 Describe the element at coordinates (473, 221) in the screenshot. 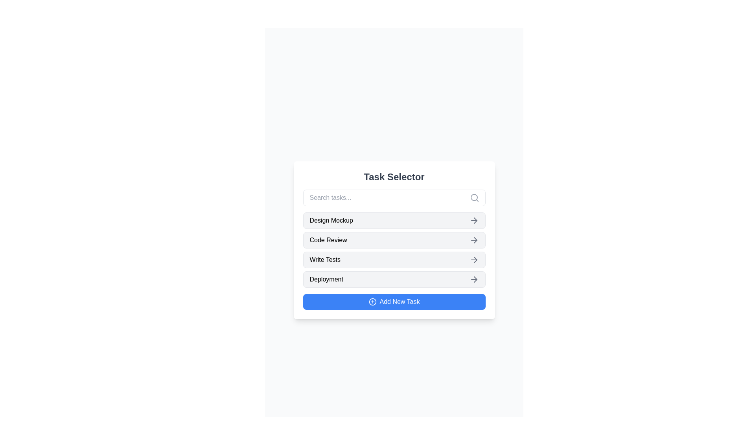

I see `the small gray arrow icon pointing right located at the far right end of the 'Design Mockup' button` at that location.